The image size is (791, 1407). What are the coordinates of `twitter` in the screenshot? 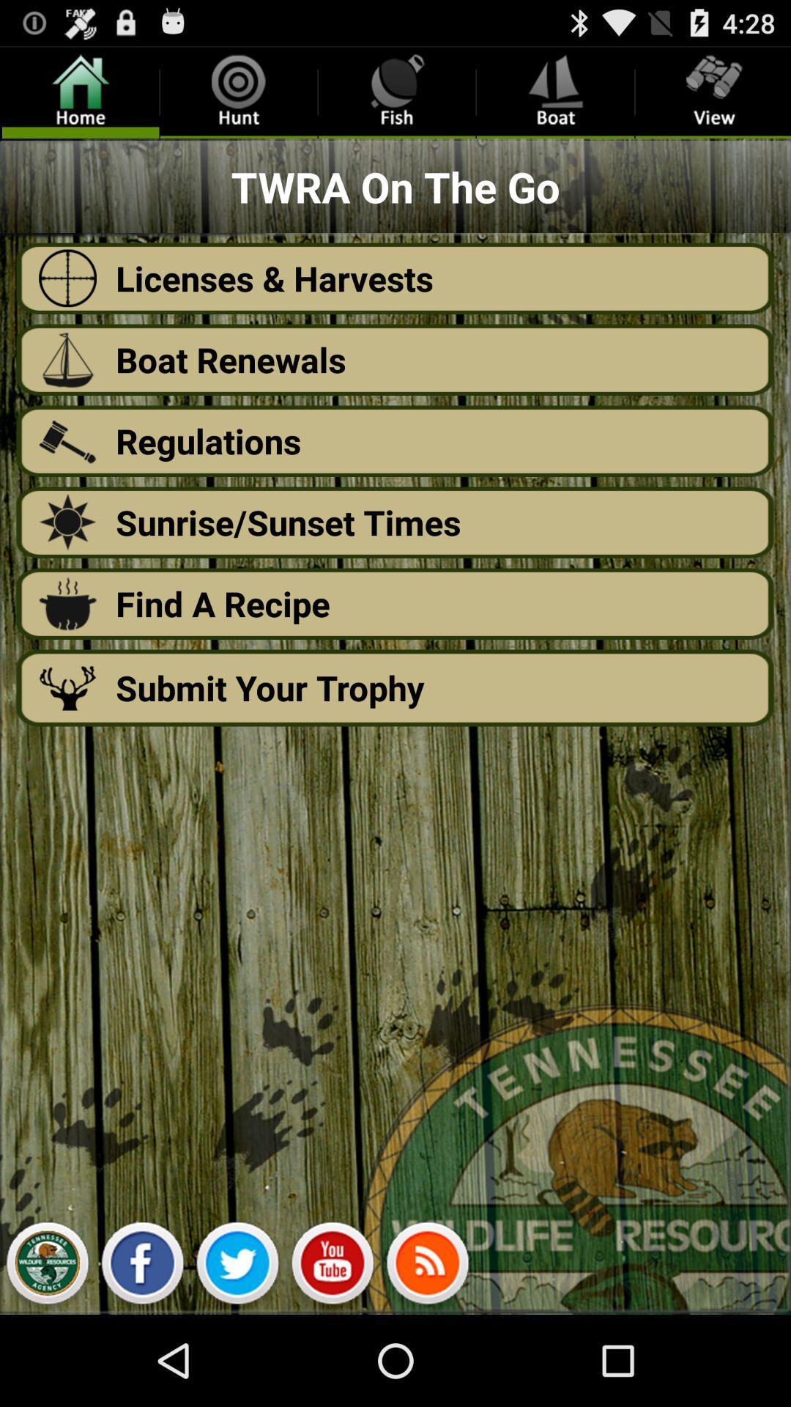 It's located at (237, 1266).